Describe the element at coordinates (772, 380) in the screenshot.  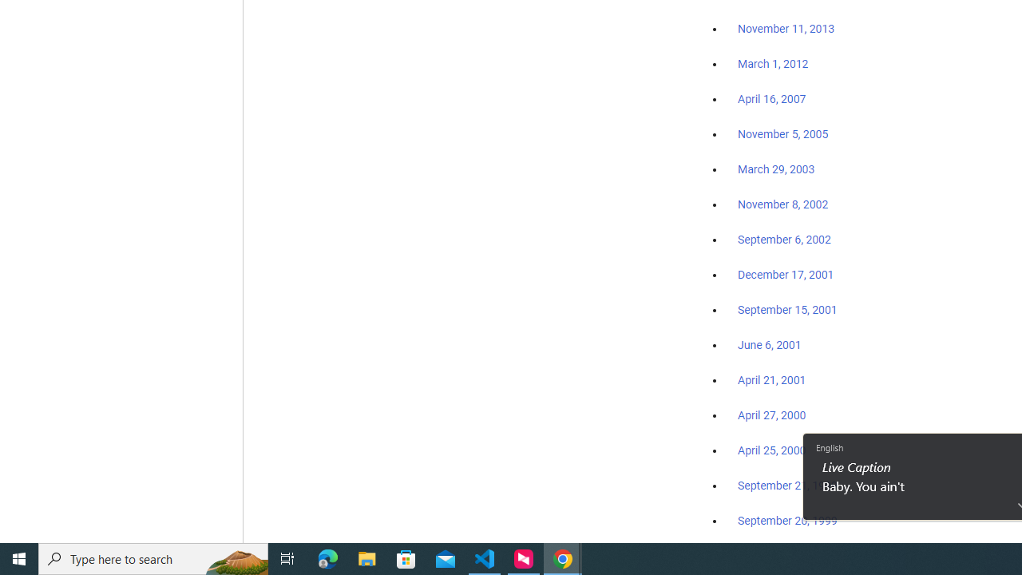
I see `'April 21, 2001'` at that location.